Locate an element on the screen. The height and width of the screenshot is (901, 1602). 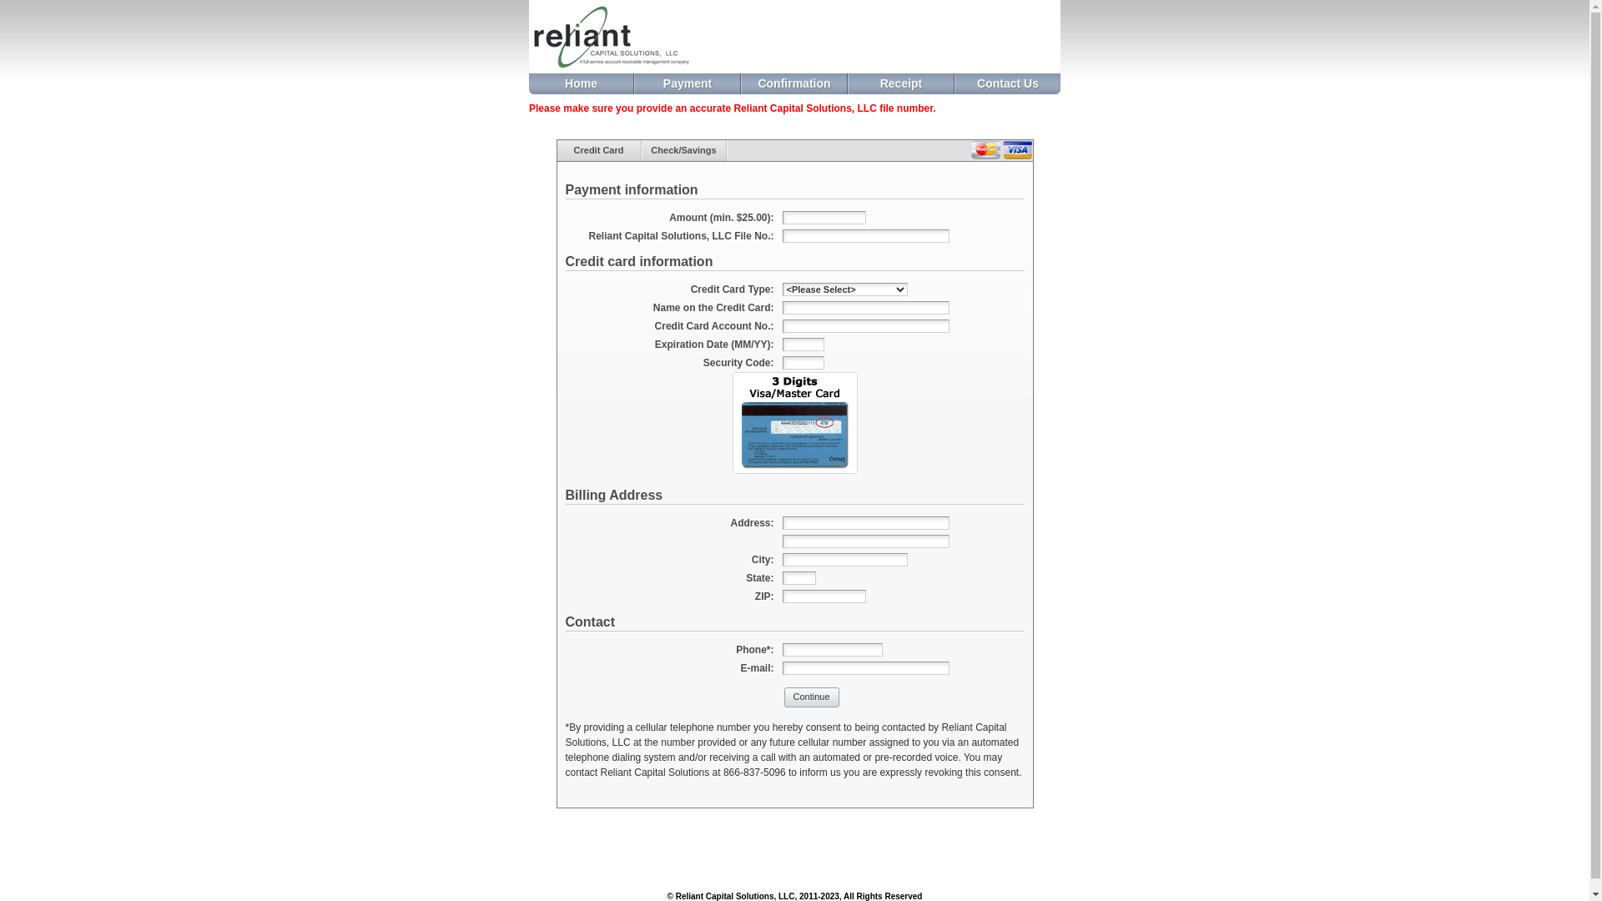
'Receipt' is located at coordinates (900, 83).